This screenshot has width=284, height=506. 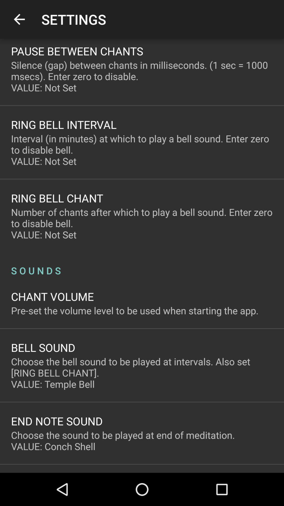 I want to click on the item below the s o u item, so click(x=52, y=296).